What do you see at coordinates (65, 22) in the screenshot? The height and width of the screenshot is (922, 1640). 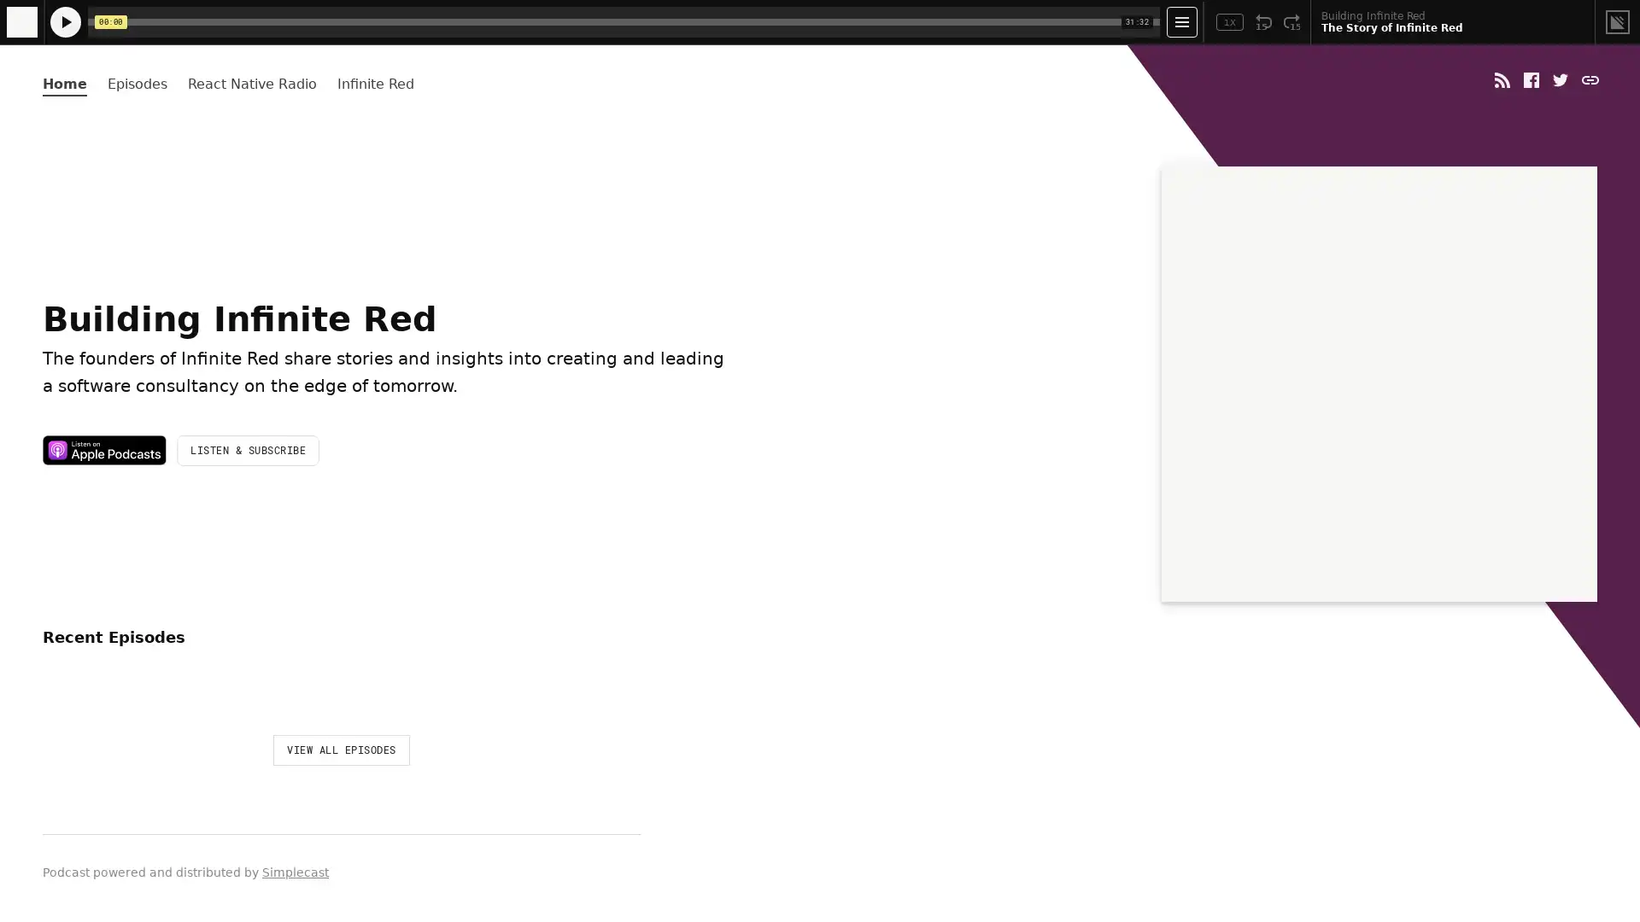 I see `Play` at bounding box center [65, 22].